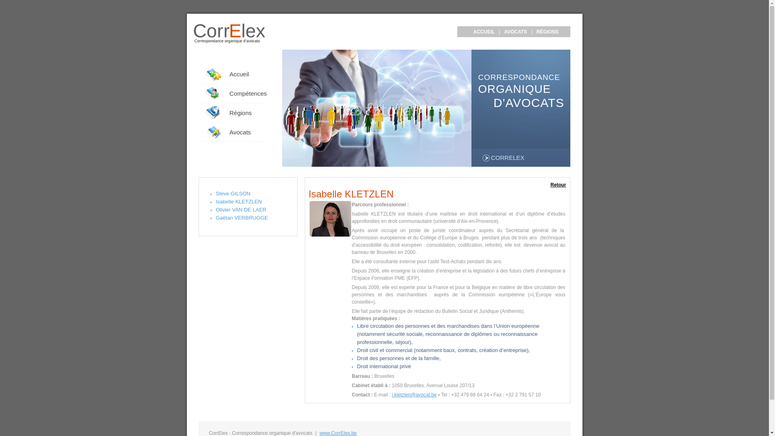 This screenshot has height=436, width=775. Describe the element at coordinates (215, 201) in the screenshot. I see `'Isabelle KLETZLEN'` at that location.